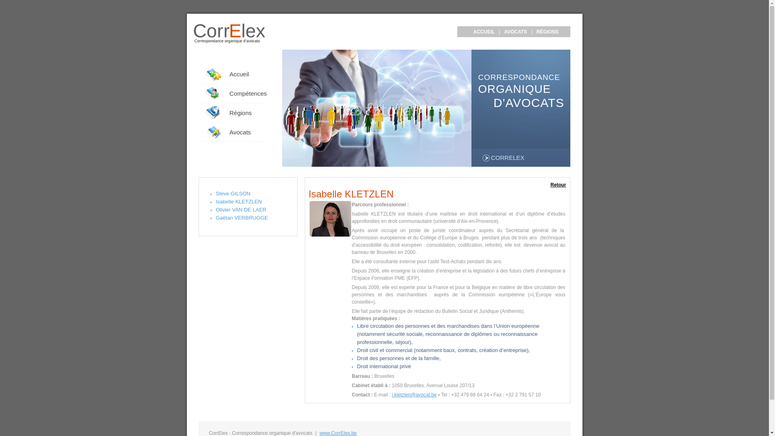 This screenshot has height=436, width=775. Describe the element at coordinates (215, 201) in the screenshot. I see `'Isabelle KLETZLEN'` at that location.